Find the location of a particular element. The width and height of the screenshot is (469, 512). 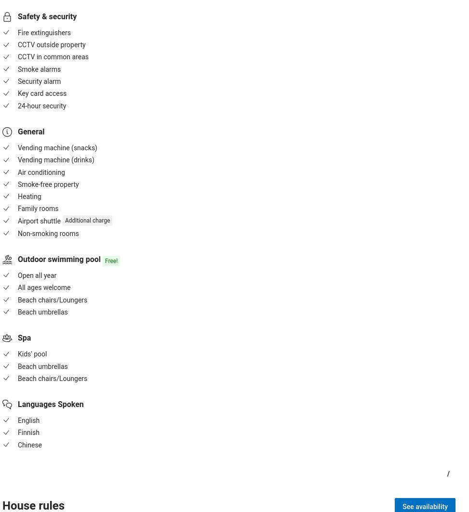

'Security alarm' is located at coordinates (39, 81).